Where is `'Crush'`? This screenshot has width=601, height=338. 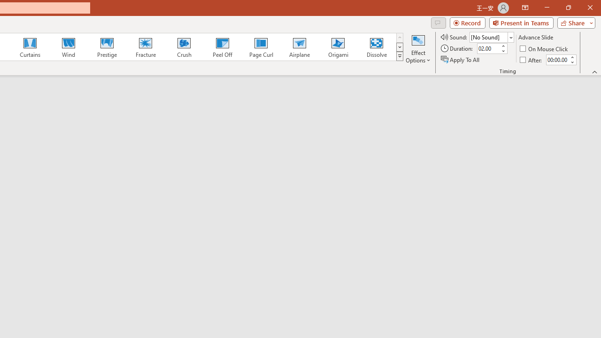
'Crush' is located at coordinates (184, 47).